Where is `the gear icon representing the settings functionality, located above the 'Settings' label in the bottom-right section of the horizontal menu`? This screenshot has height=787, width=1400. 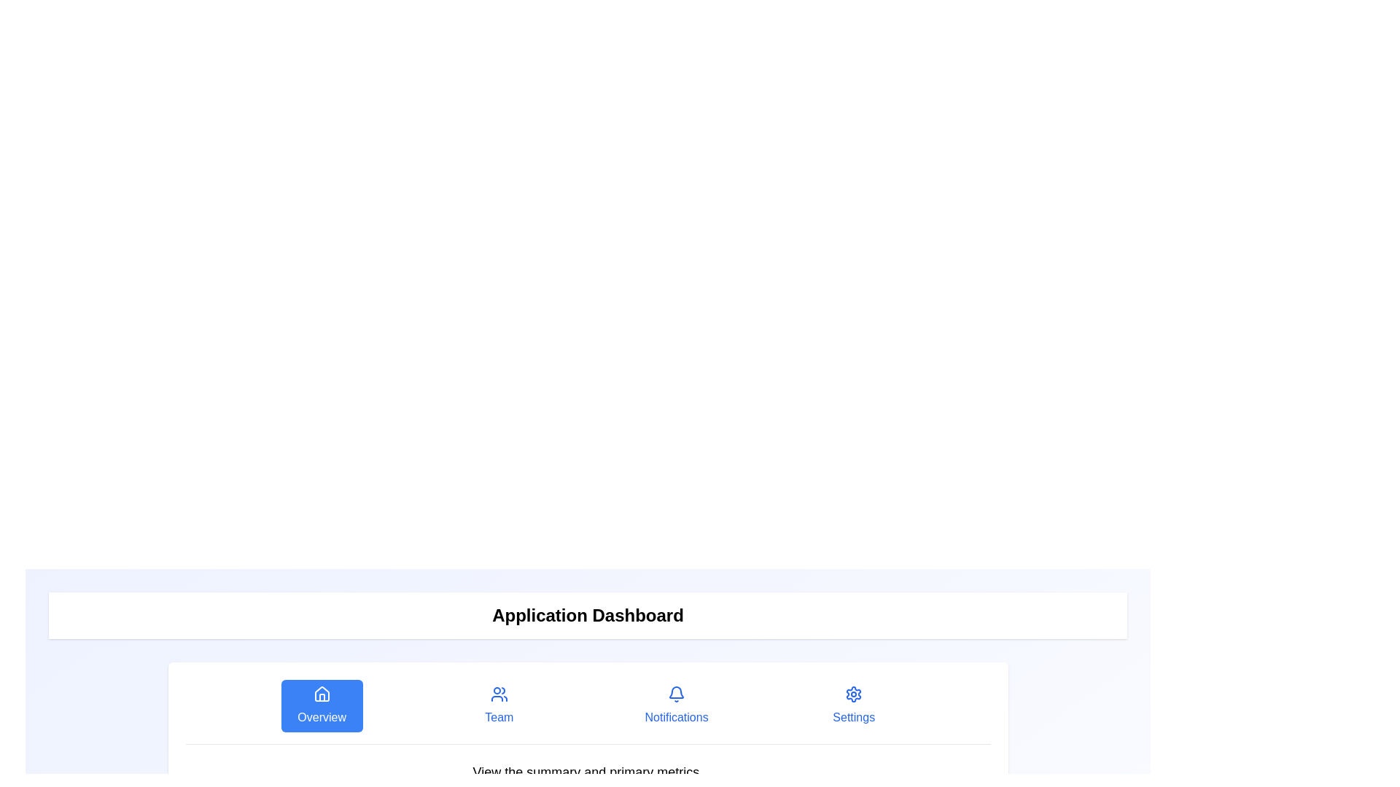 the gear icon representing the settings functionality, located above the 'Settings' label in the bottom-right section of the horizontal menu is located at coordinates (854, 693).